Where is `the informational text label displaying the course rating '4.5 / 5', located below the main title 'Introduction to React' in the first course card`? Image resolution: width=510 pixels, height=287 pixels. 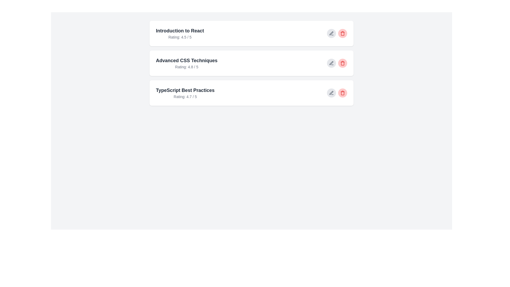 the informational text label displaying the course rating '4.5 / 5', located below the main title 'Introduction to React' in the first course card is located at coordinates (180, 37).